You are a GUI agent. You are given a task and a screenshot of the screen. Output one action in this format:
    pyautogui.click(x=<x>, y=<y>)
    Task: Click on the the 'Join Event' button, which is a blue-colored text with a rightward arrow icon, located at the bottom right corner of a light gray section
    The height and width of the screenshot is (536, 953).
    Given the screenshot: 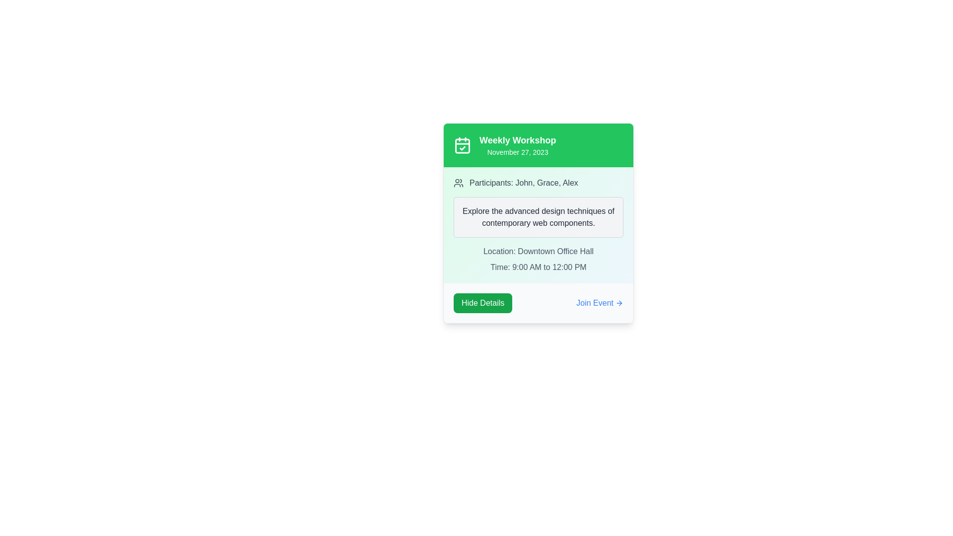 What is the action you would take?
    pyautogui.click(x=599, y=302)
    